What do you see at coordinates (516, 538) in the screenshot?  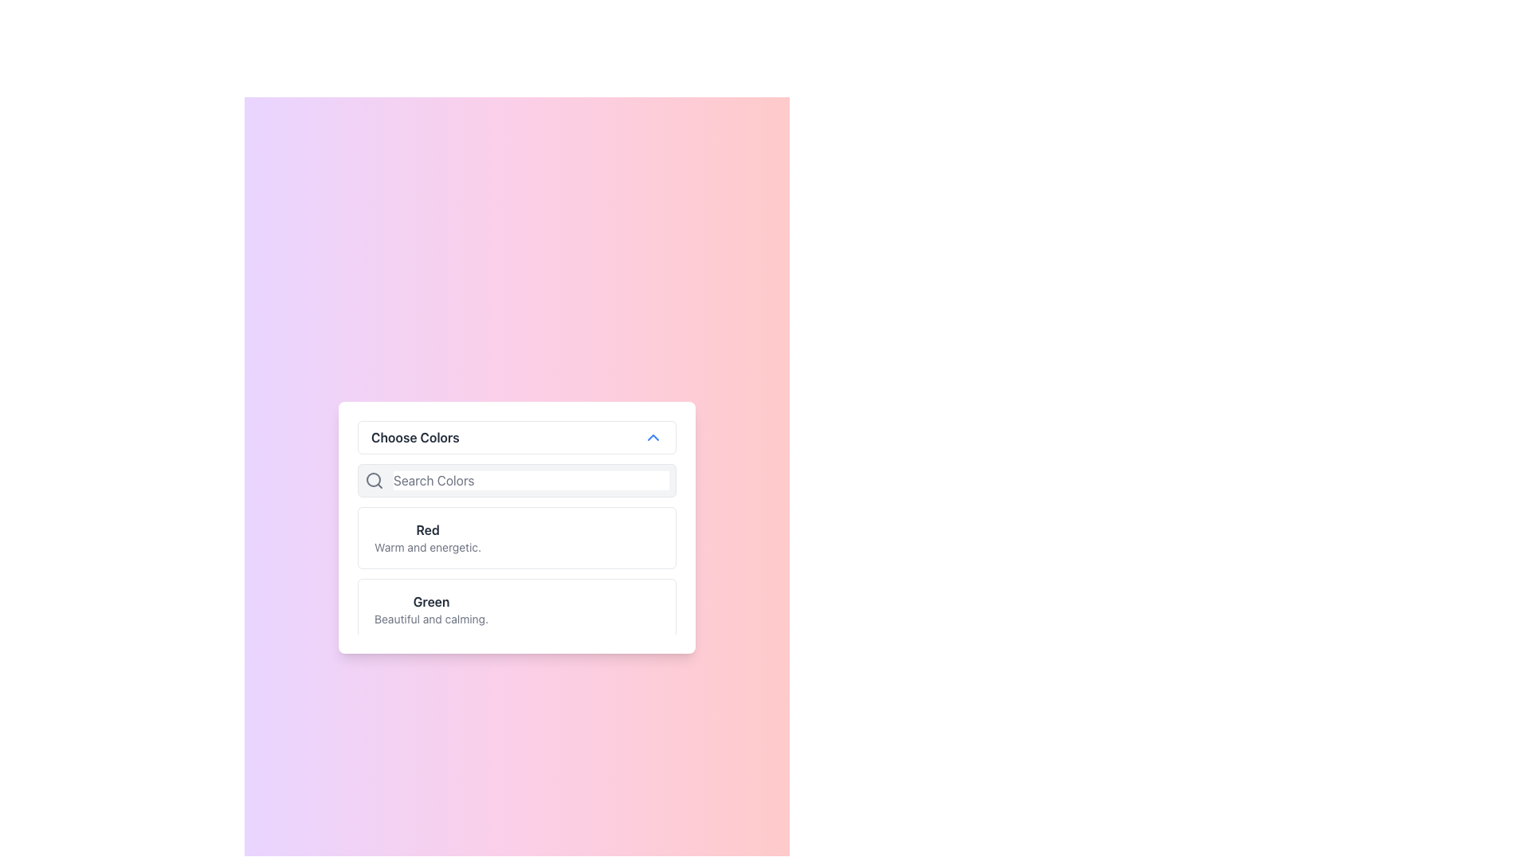 I see `the first selectable option in the dropdown menu, which represents the color Red` at bounding box center [516, 538].